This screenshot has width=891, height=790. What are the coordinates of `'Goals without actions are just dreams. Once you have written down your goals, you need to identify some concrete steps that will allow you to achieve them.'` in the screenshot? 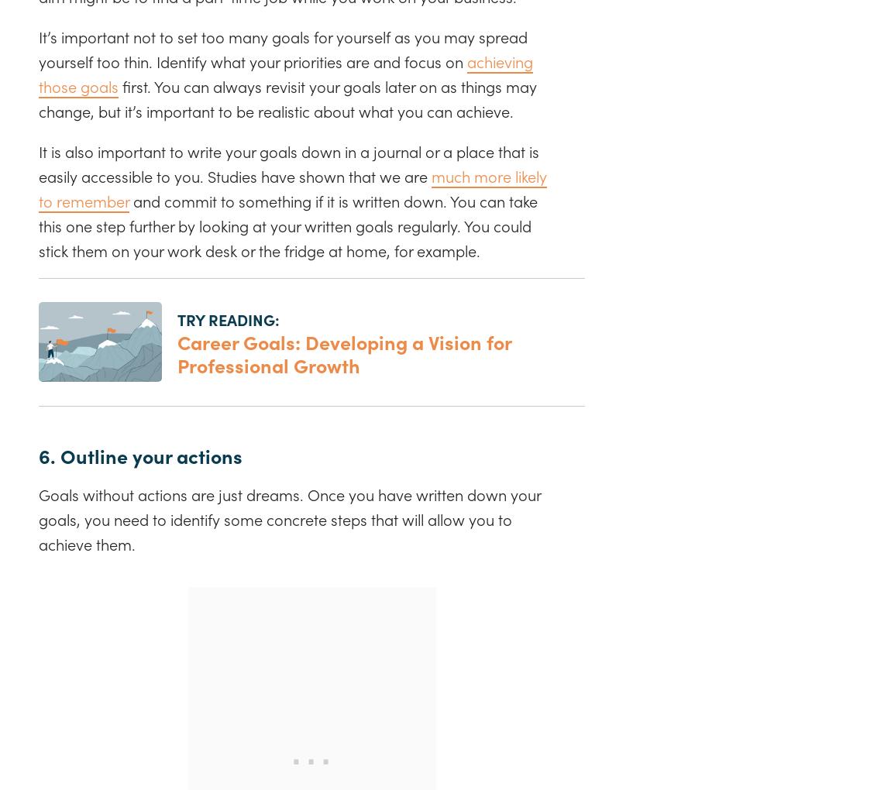 It's located at (289, 518).